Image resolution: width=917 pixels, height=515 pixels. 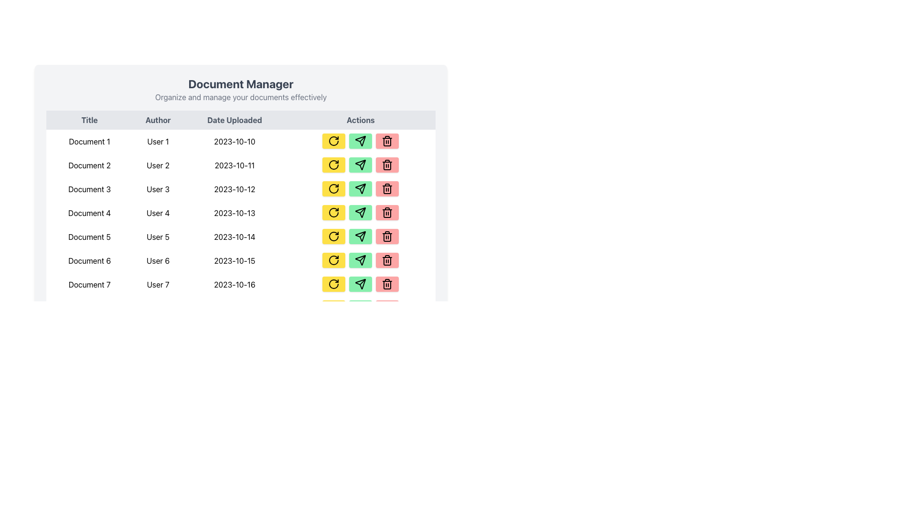 I want to click on the circular clockwise rotation icon with a yellow background in the 'Actions' column of the first row in the 'Document Manager' table, so click(x=334, y=141).